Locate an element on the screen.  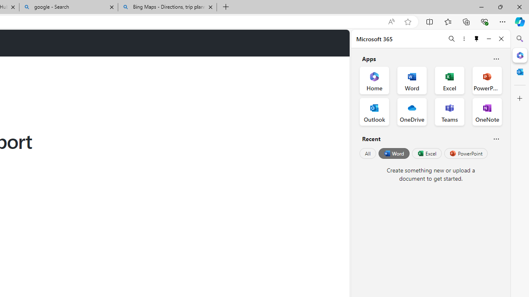
'Unpin side pane' is located at coordinates (477, 38).